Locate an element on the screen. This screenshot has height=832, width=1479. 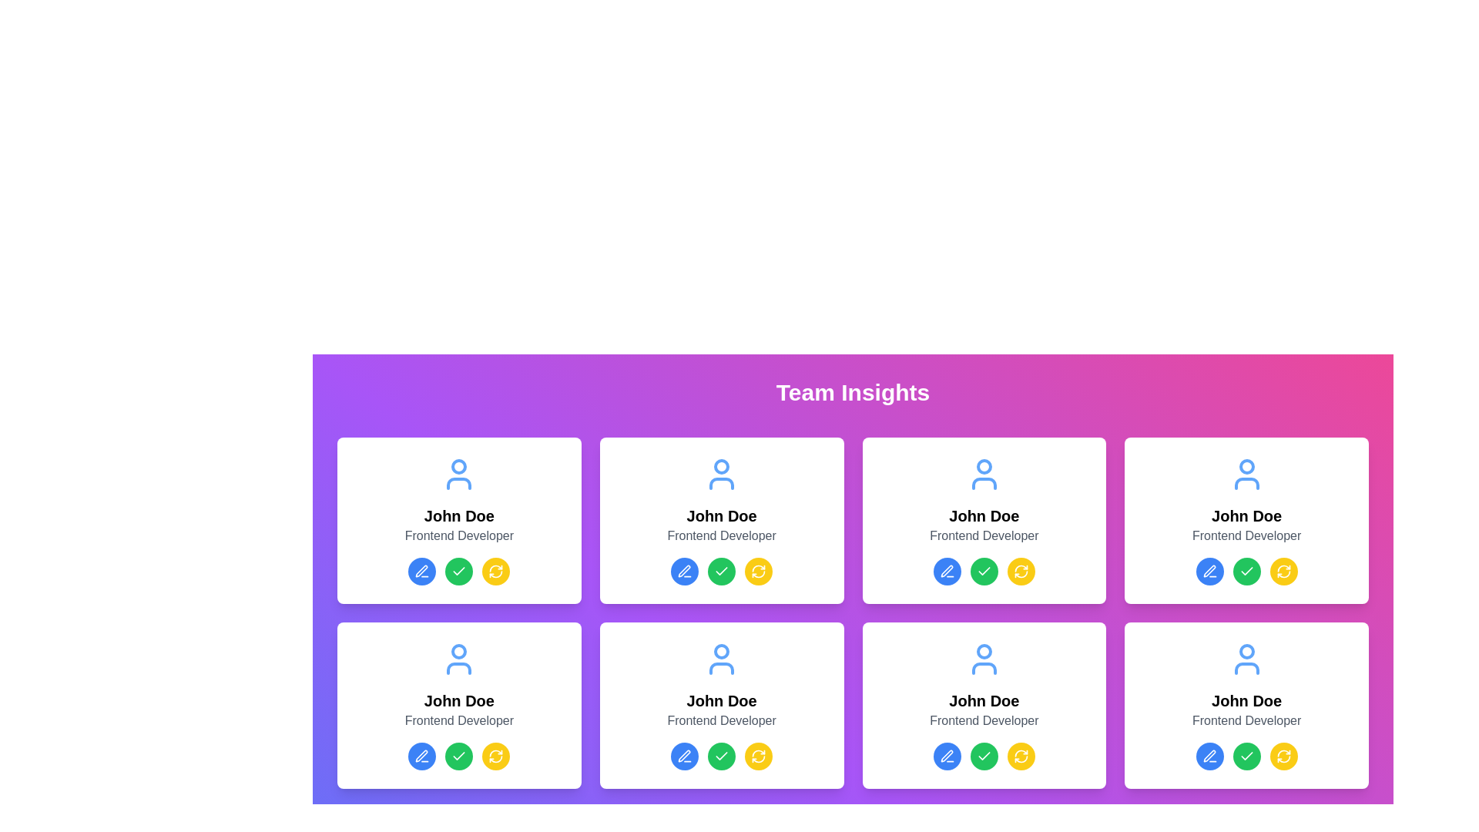
the user avatar icon, which is a stylized outline of a user figure colored in blue, located at the top section of the fourth user profile card in the second row of the grid layout is located at coordinates (1246, 659).